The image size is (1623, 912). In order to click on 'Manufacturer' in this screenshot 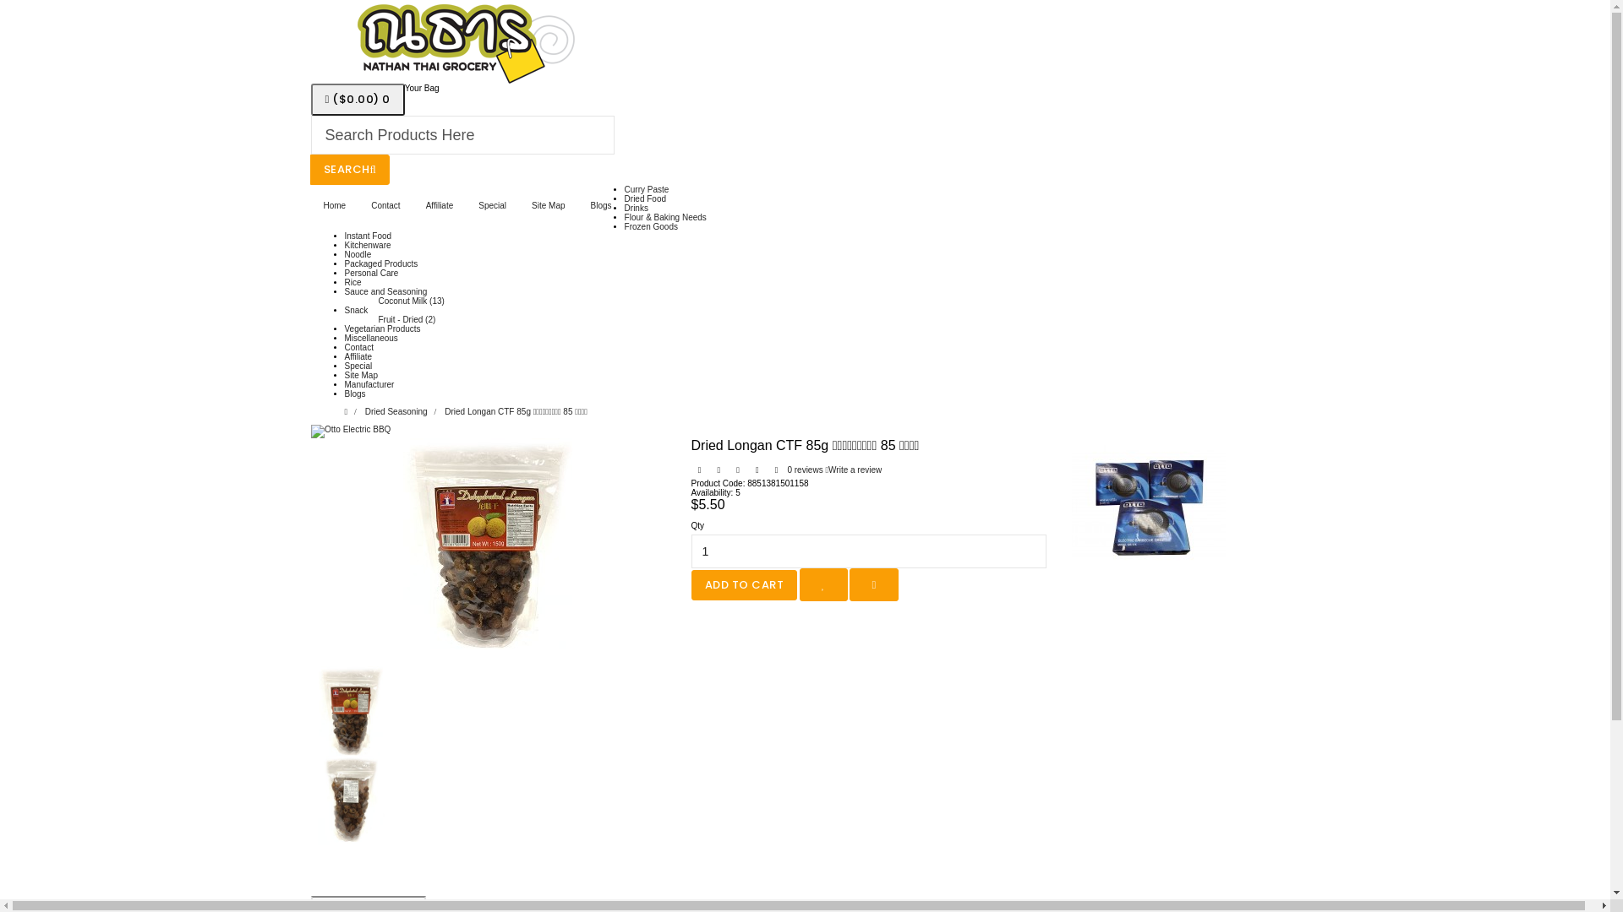, I will do `click(369, 384)`.